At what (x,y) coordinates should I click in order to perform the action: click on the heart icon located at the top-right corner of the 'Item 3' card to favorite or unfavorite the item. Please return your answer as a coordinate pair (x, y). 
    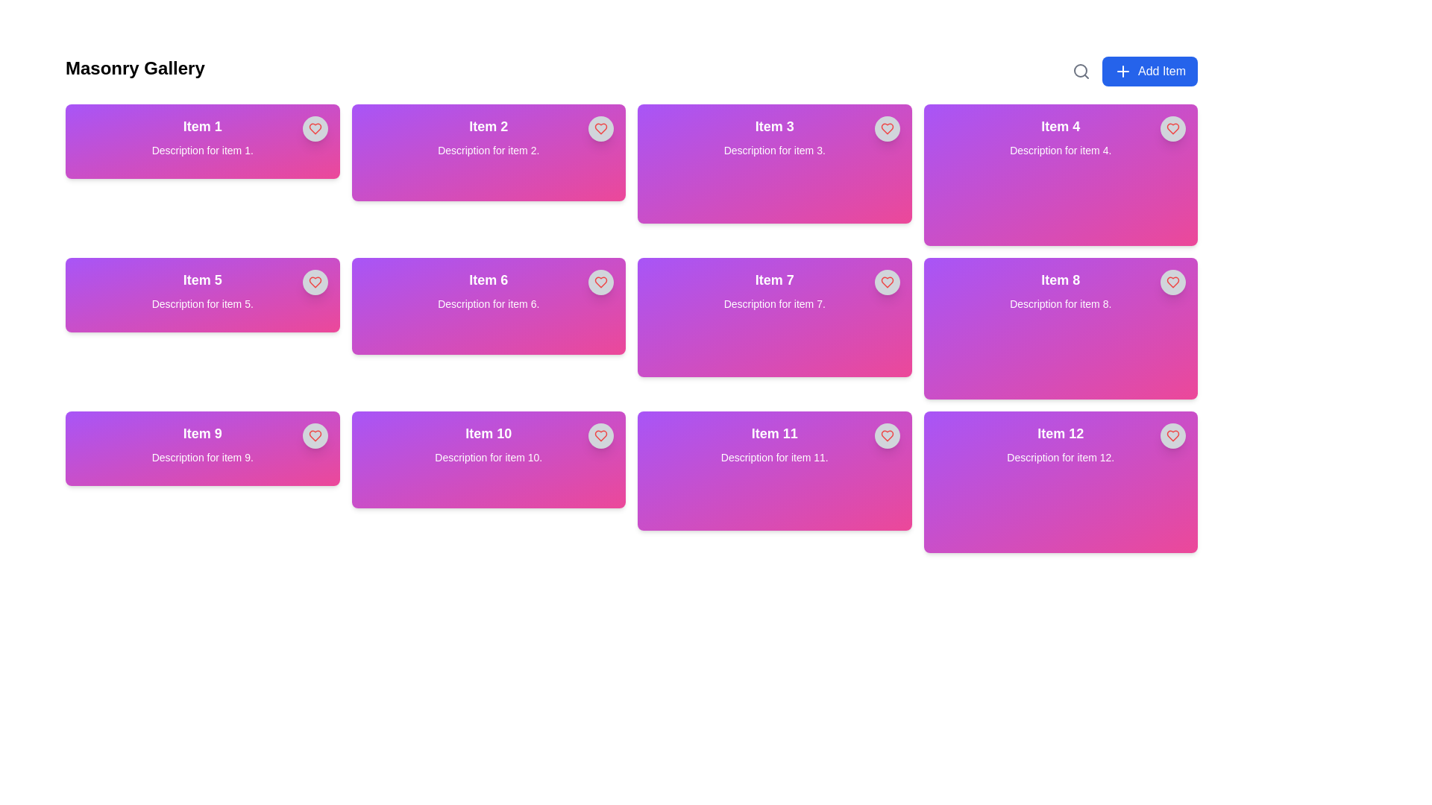
    Looking at the image, I should click on (887, 128).